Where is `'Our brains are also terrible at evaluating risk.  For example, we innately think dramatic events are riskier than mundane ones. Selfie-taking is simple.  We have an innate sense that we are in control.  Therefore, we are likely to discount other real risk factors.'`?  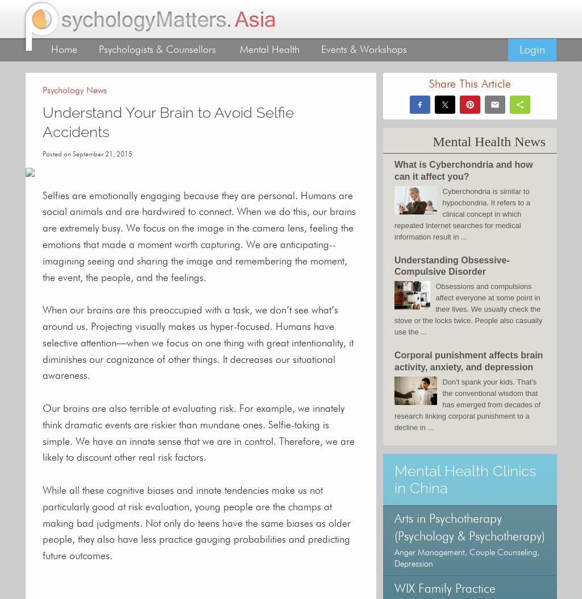 'Our brains are also terrible at evaluating risk.  For example, we innately think dramatic events are riskier than mundane ones. Selfie-taking is simple.  We have an innate sense that we are in control.  Therefore, we are likely to discount other real risk factors.' is located at coordinates (41, 432).